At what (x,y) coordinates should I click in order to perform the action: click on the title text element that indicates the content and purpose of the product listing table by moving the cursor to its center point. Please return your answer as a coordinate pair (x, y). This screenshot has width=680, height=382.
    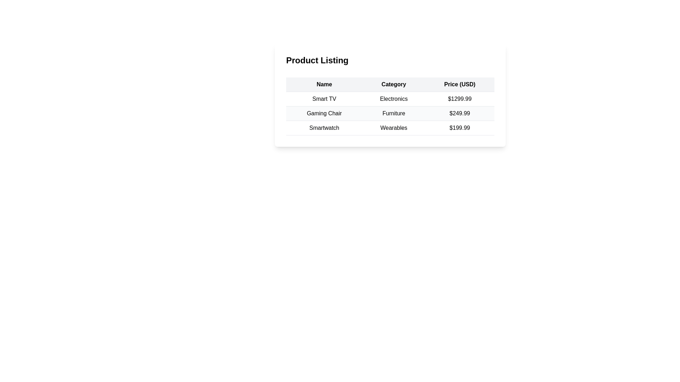
    Looking at the image, I should click on (390, 61).